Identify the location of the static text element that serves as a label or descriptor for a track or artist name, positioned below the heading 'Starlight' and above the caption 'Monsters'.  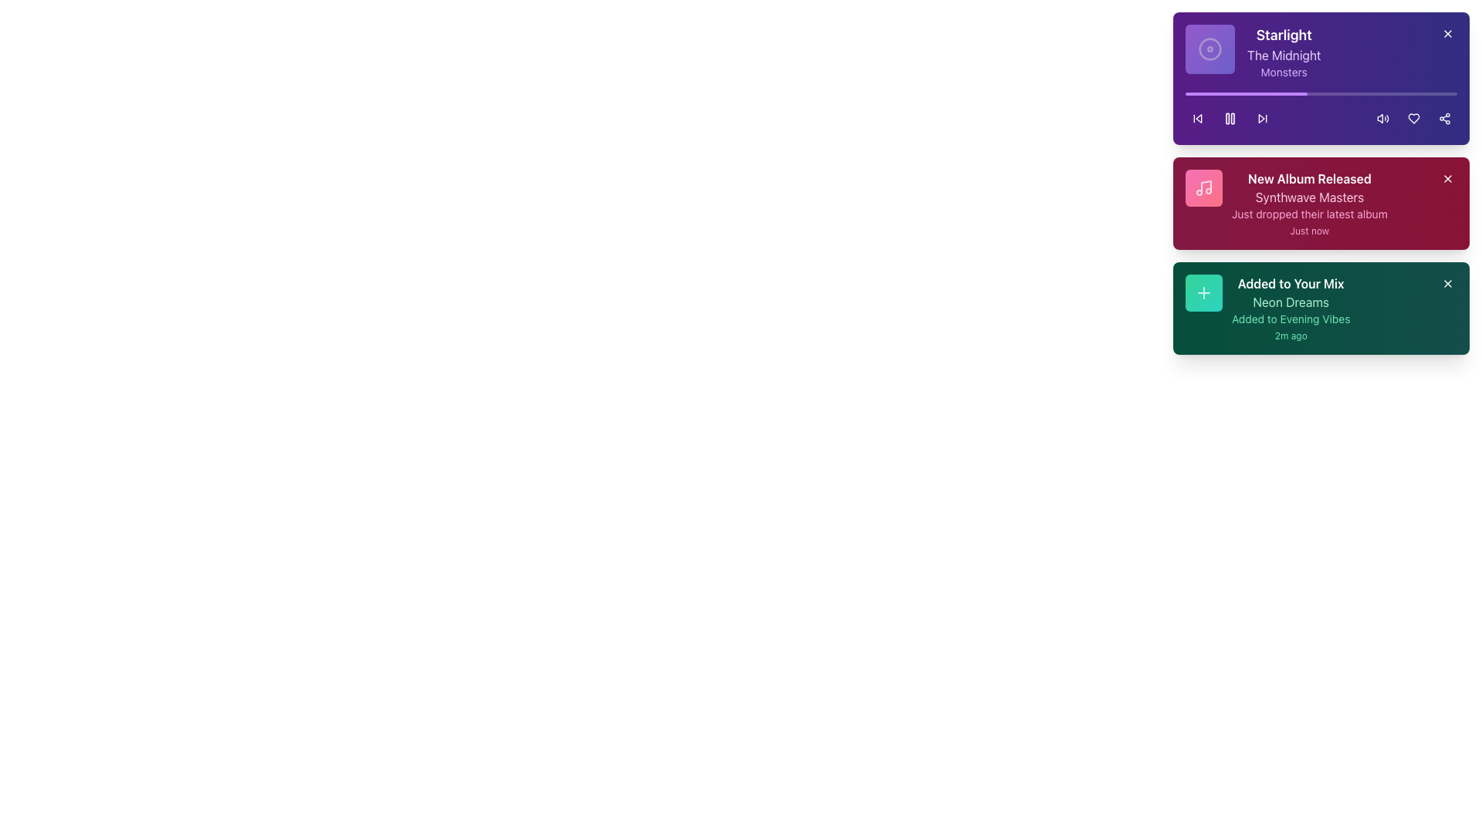
(1284, 55).